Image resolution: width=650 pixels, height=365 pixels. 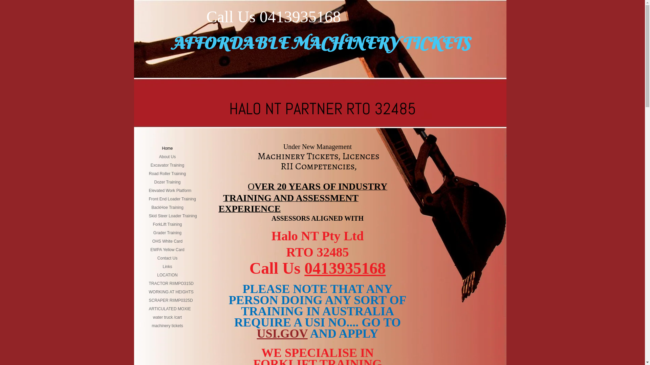 What do you see at coordinates (167, 258) in the screenshot?
I see `'Contact Us'` at bounding box center [167, 258].